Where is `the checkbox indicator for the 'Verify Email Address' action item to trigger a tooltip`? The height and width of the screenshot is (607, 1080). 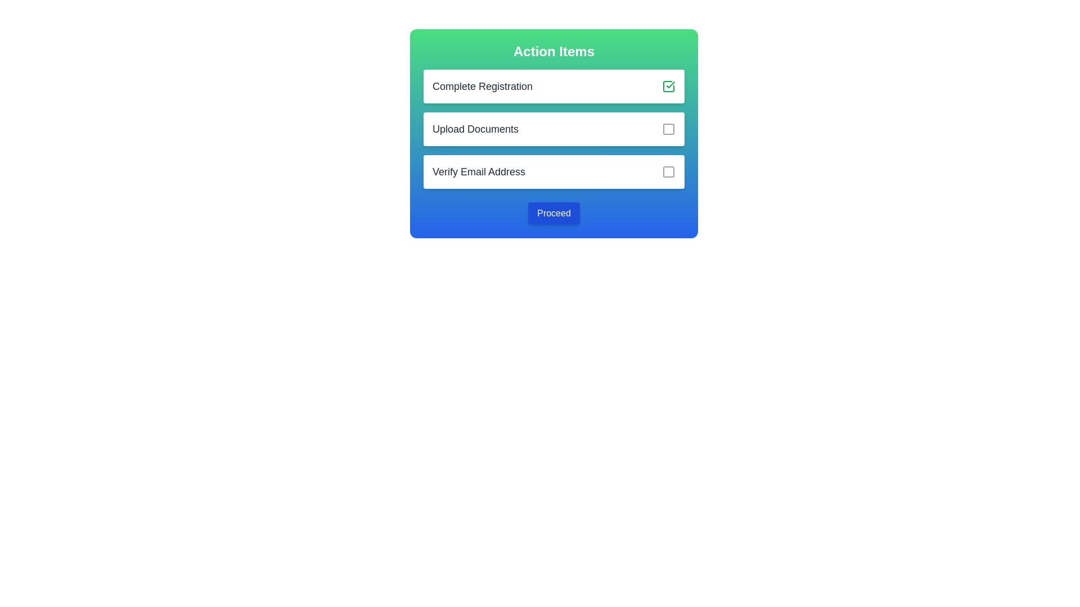 the checkbox indicator for the 'Verify Email Address' action item to trigger a tooltip is located at coordinates (669, 171).